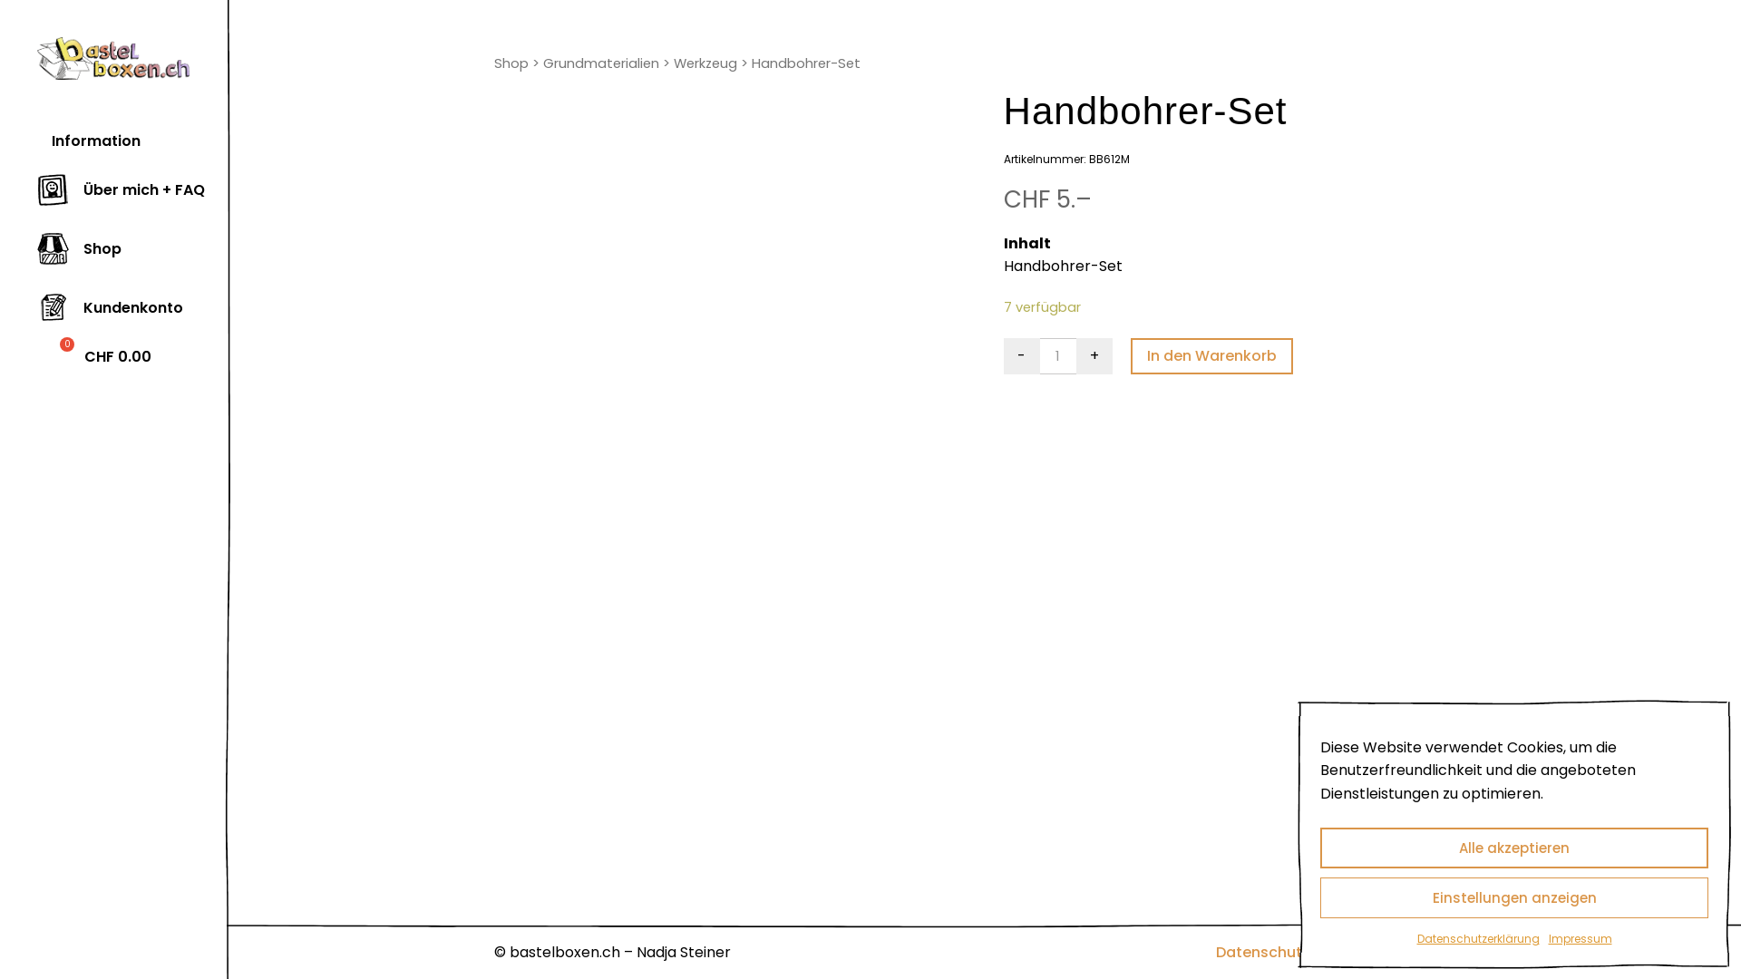 This screenshot has width=1741, height=979. What do you see at coordinates (1514, 848) in the screenshot?
I see `'Alle akzeptieren'` at bounding box center [1514, 848].